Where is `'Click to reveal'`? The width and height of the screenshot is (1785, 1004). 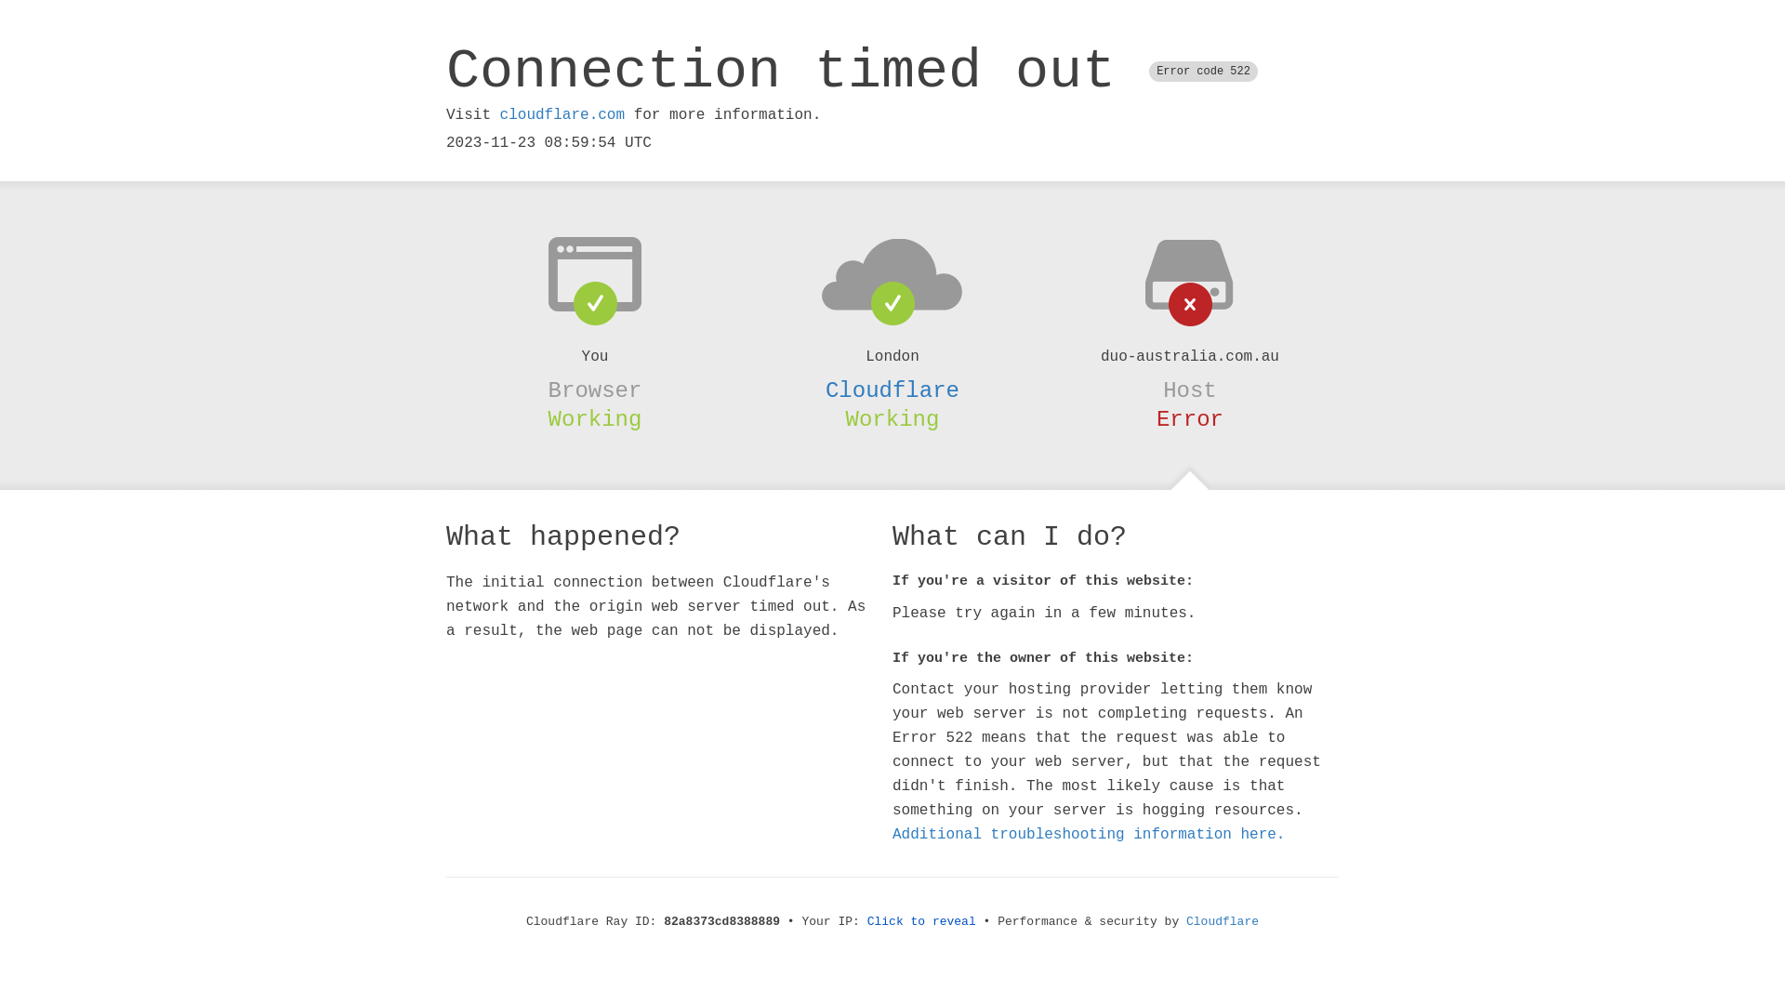
'Click to reveal' is located at coordinates (921, 921).